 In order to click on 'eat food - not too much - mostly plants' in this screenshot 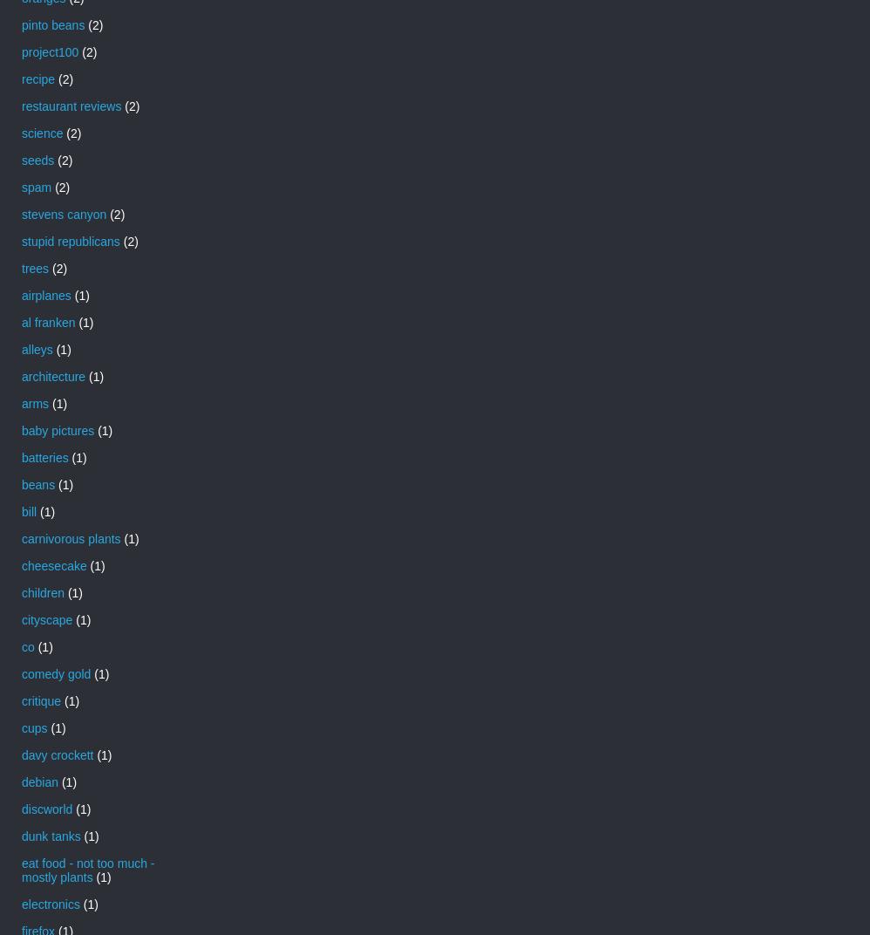, I will do `click(87, 868)`.